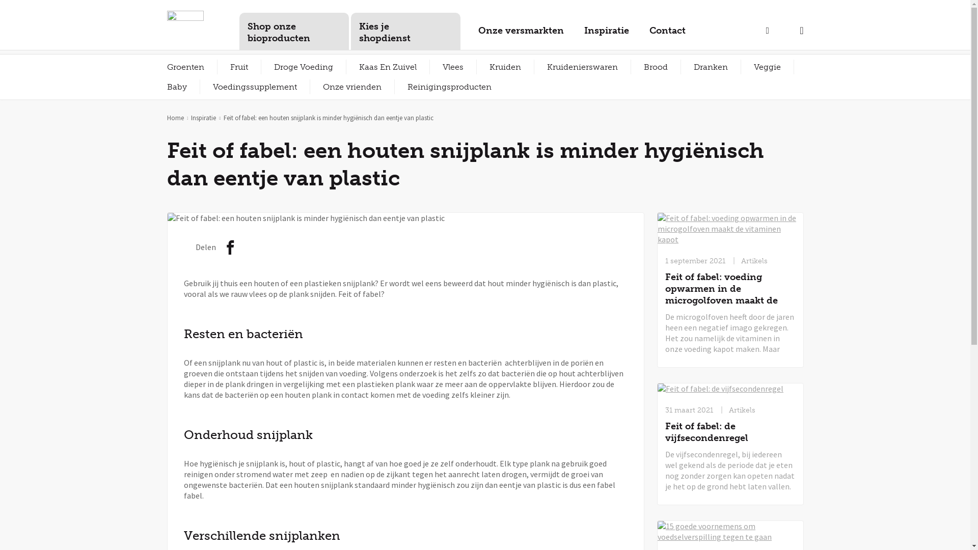 The image size is (978, 550). I want to click on 'Facebook', so click(230, 249).